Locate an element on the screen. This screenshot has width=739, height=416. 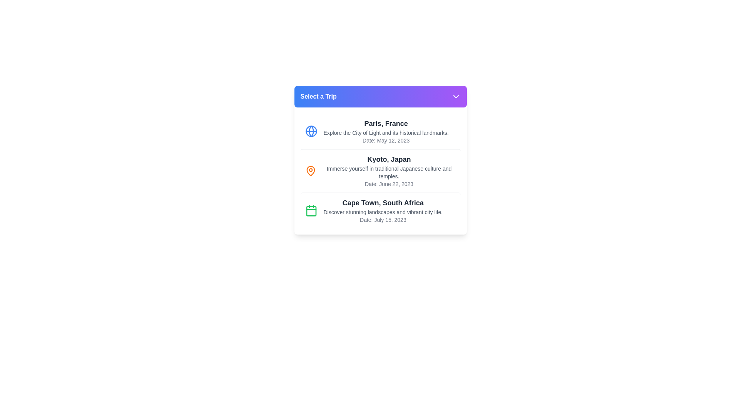
the green calendar icon located next to the text 'Cape Town, South Africa' under the 'Select a Trip' heading is located at coordinates (311, 211).